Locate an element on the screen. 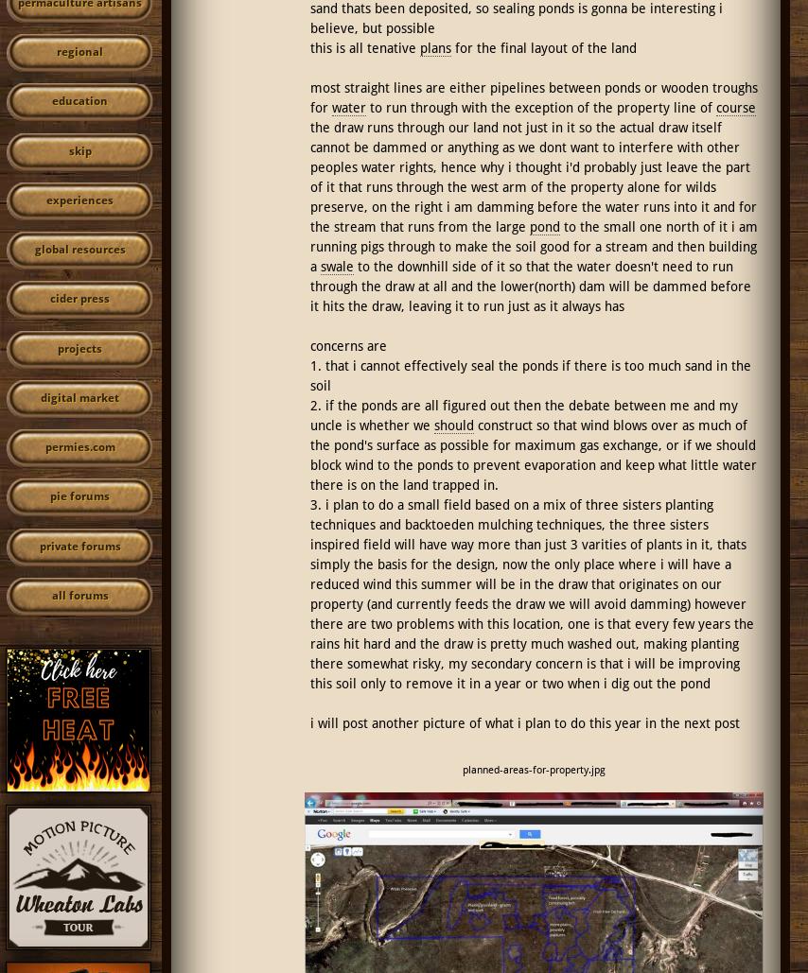 Image resolution: width=808 pixels, height=973 pixels. 'to the small one north of it i am running pigs through to make the soil good for a stream and then building a' is located at coordinates (532, 245).